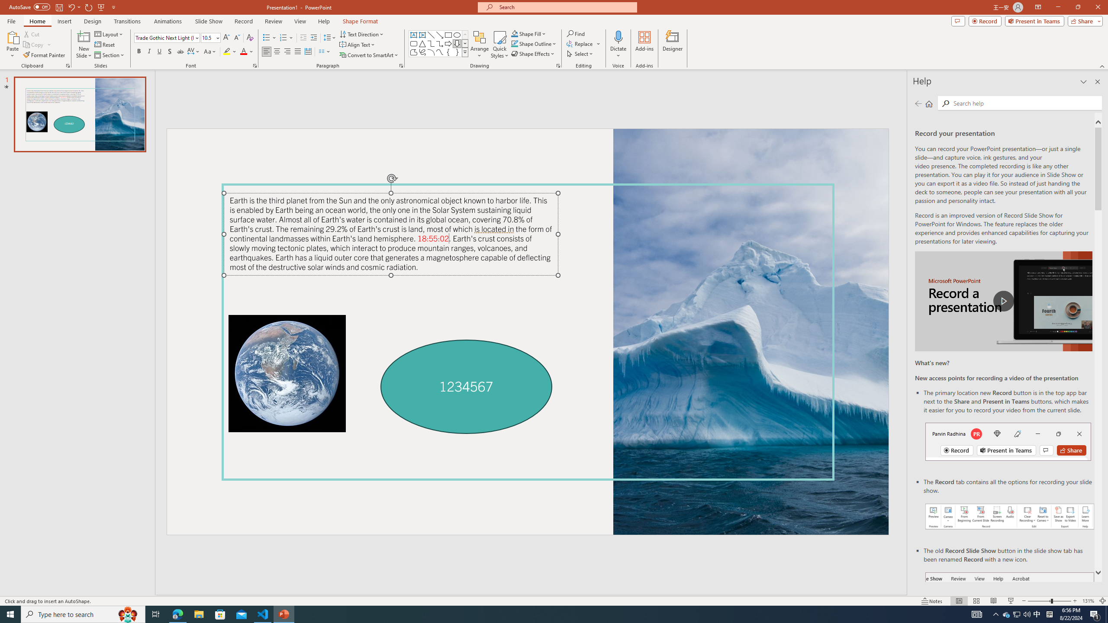 Image resolution: width=1108 pixels, height=623 pixels. What do you see at coordinates (1009, 516) in the screenshot?
I see `'Record your presentations screenshot one'` at bounding box center [1009, 516].